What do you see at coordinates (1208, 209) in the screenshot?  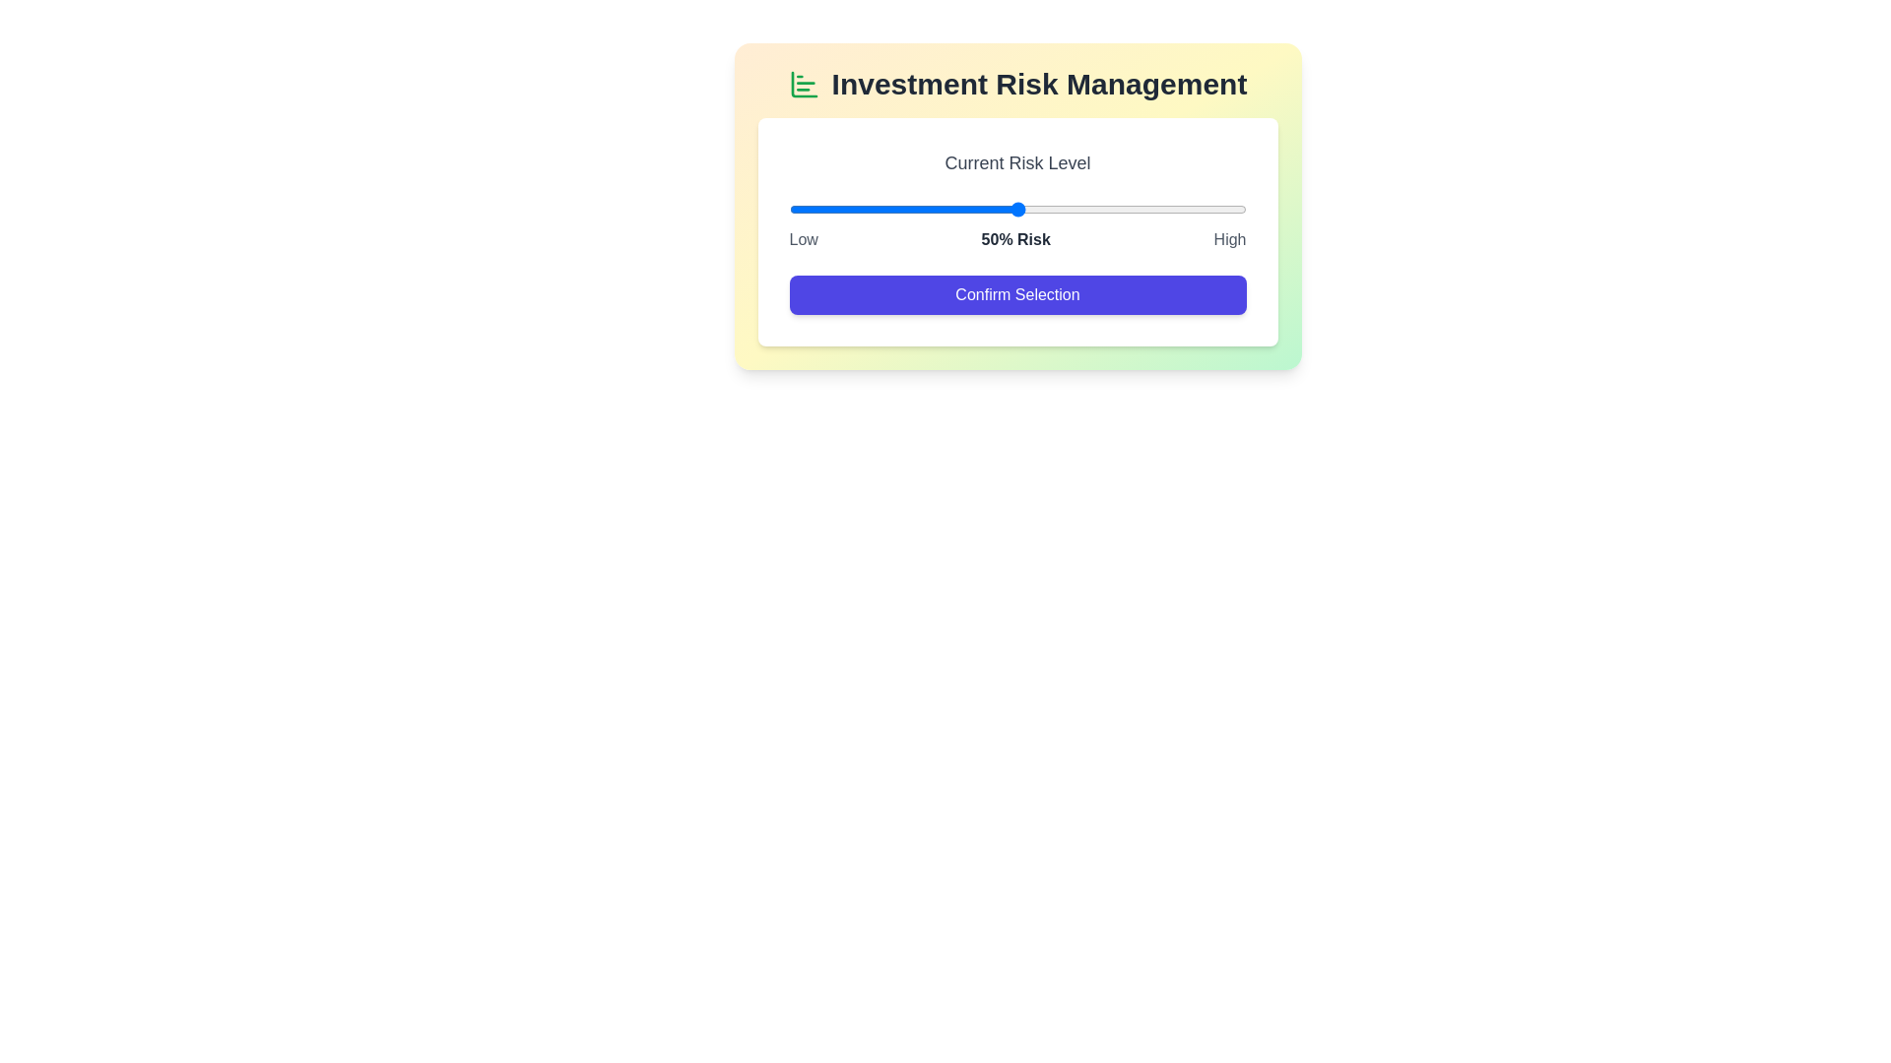 I see `the slider to set the risk level to 92%` at bounding box center [1208, 209].